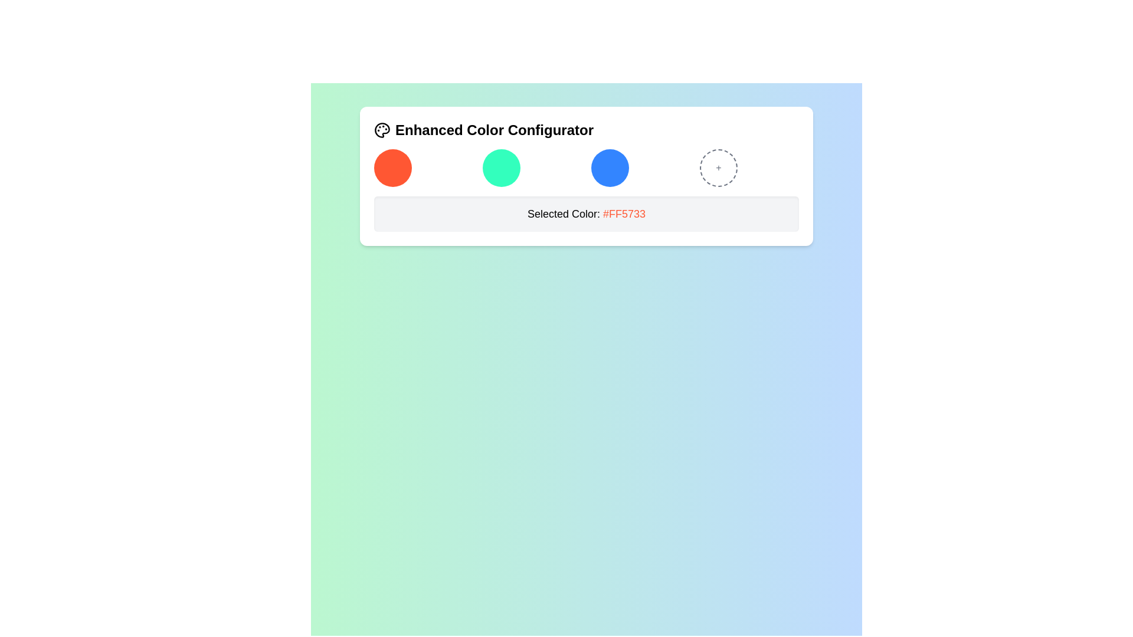  I want to click on the third circular blue color option in a horizontal group of four, so click(640, 168).